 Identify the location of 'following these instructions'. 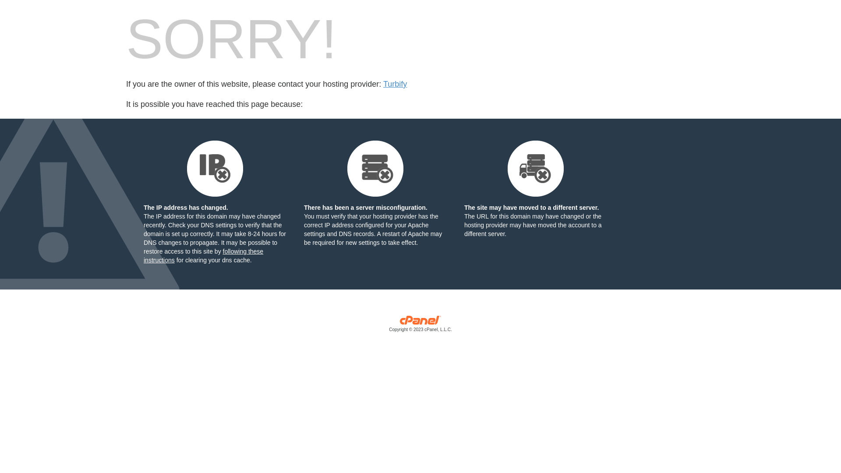
(203, 255).